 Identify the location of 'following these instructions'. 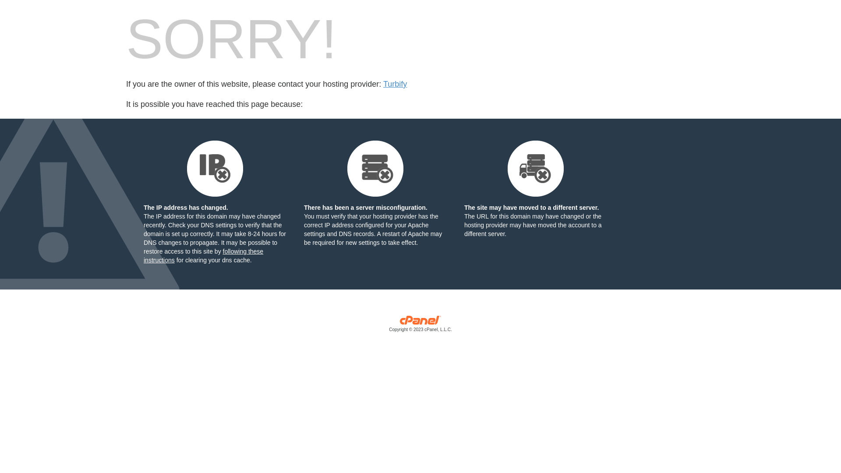
(203, 255).